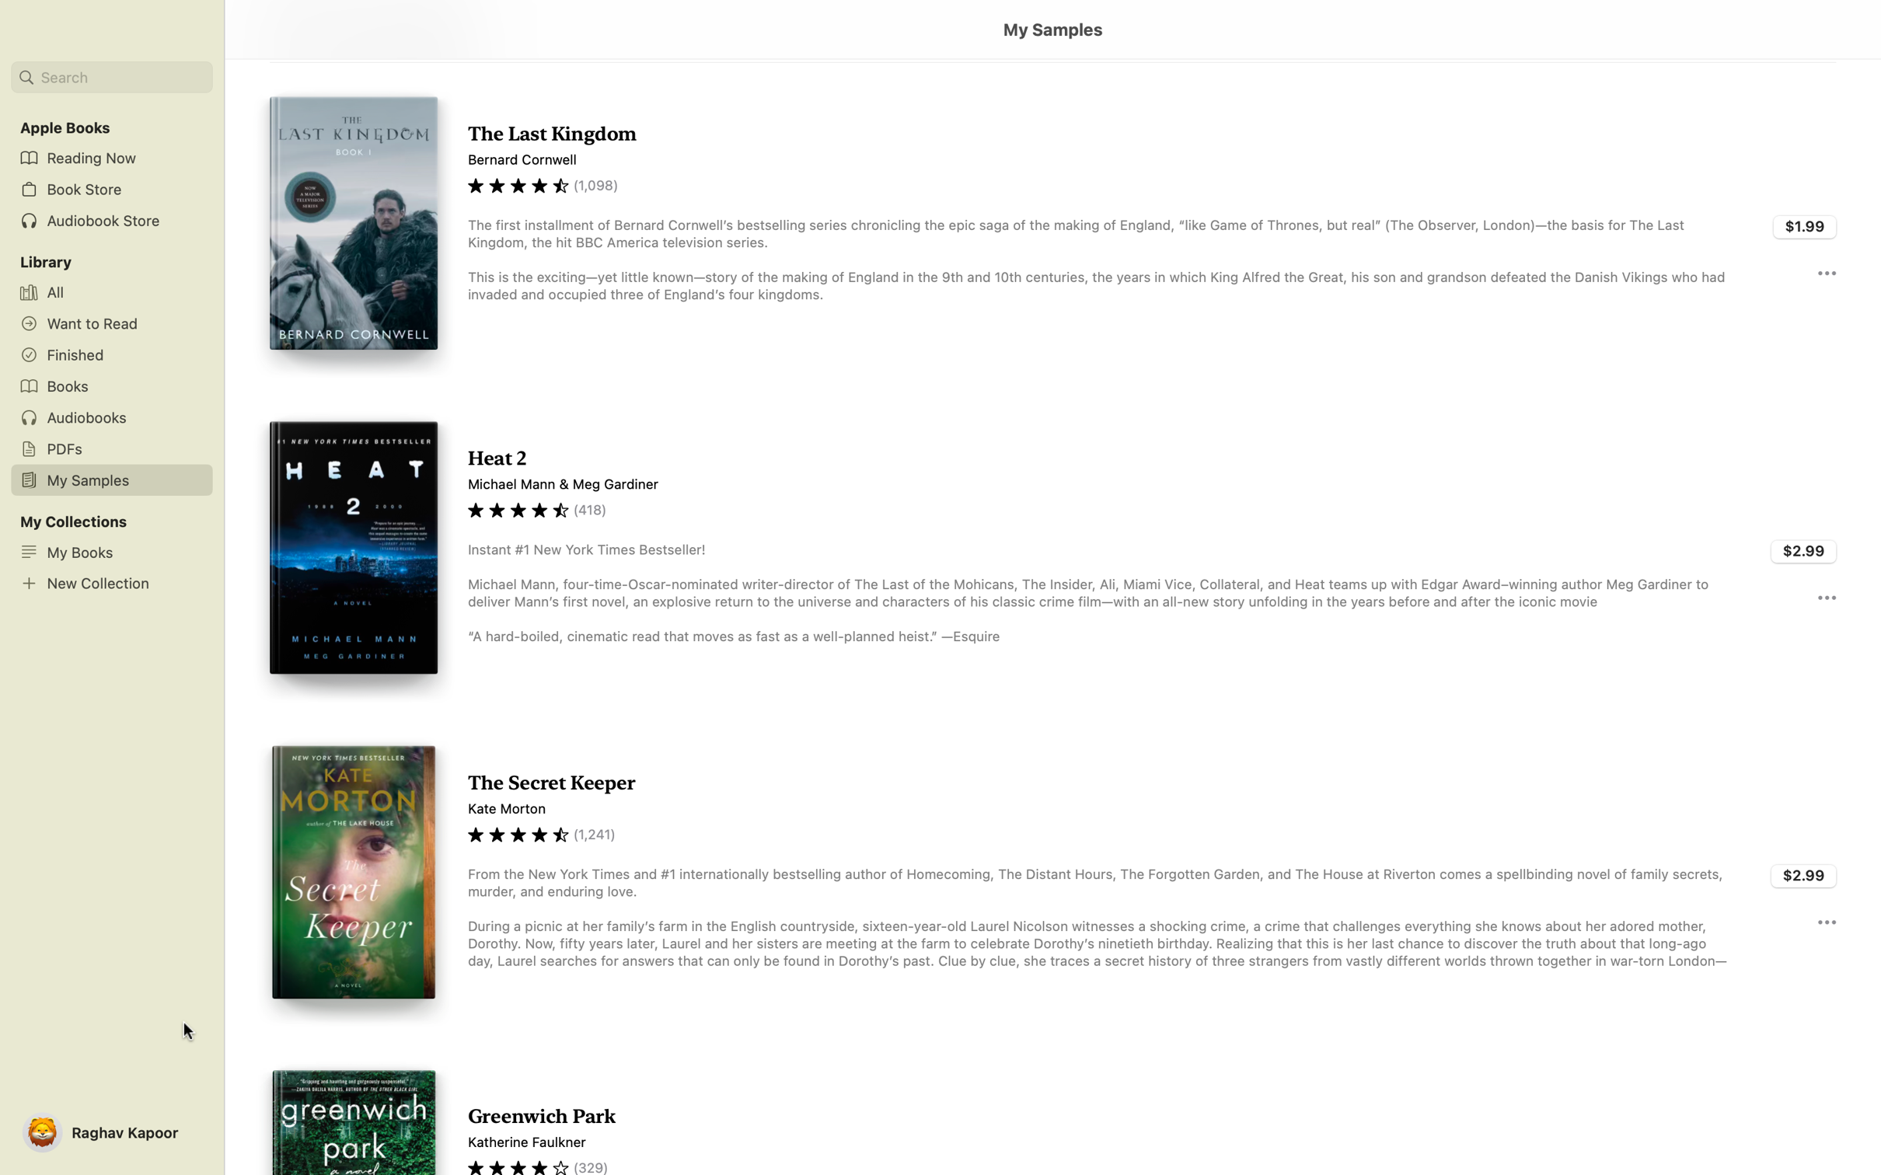 The height and width of the screenshot is (1175, 1881). I want to click on Procure the "Heat 2" book, so click(1804, 550).